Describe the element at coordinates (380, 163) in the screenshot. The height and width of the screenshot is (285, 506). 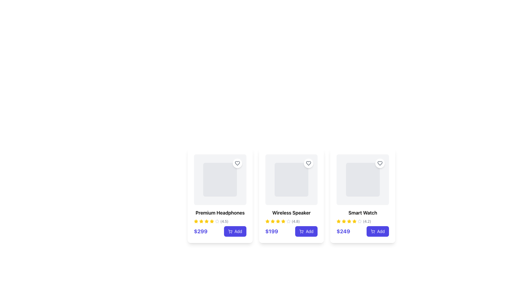
I see `the favorite button located in the upper right corner of the 'Smart Watch' card, which is the third button from the left among similar buttons` at that location.